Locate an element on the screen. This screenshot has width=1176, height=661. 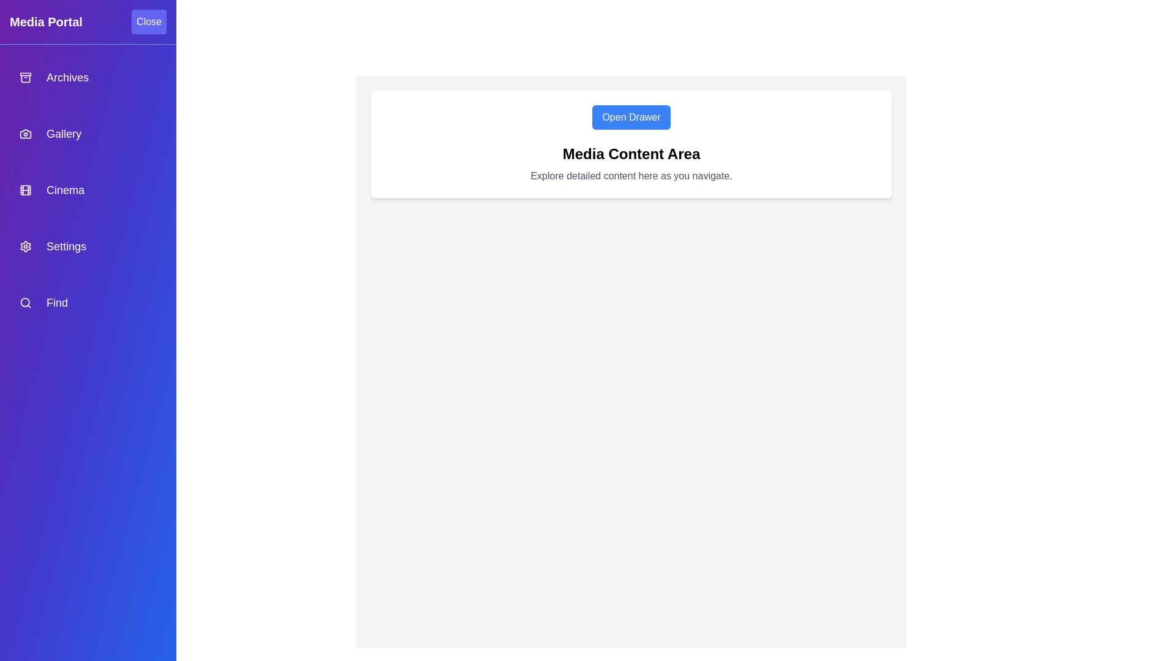
the 'Close' button to close the drawer is located at coordinates (148, 21).